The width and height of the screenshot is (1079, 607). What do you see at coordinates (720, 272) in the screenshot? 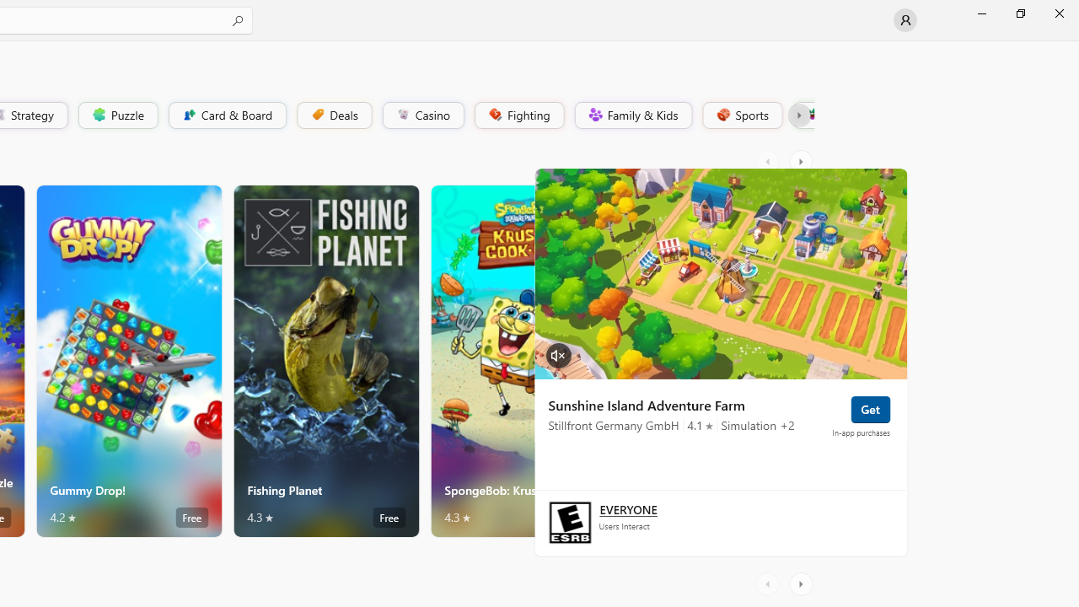
I see `'AutomationID: Image'` at bounding box center [720, 272].